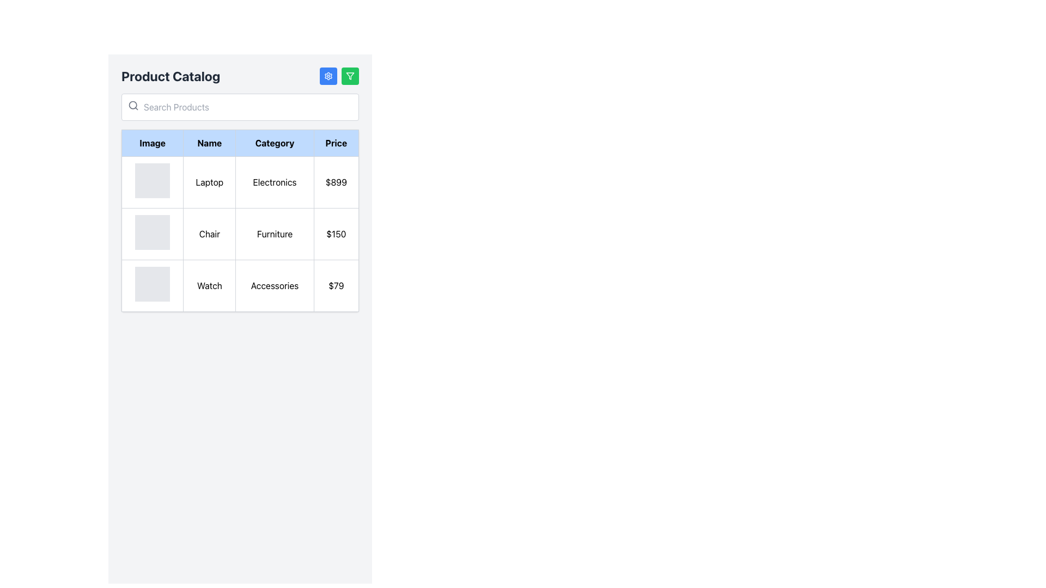 The image size is (1046, 588). Describe the element at coordinates (328, 75) in the screenshot. I see `the settings icon located in the top-right corner of the interface, which is part of a clickable button with a blue background and round corners` at that location.